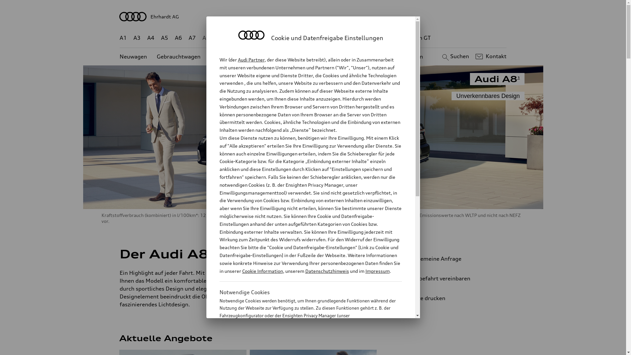 This screenshot has height=355, width=631. Describe the element at coordinates (209, 252) in the screenshot. I see `'1'` at that location.